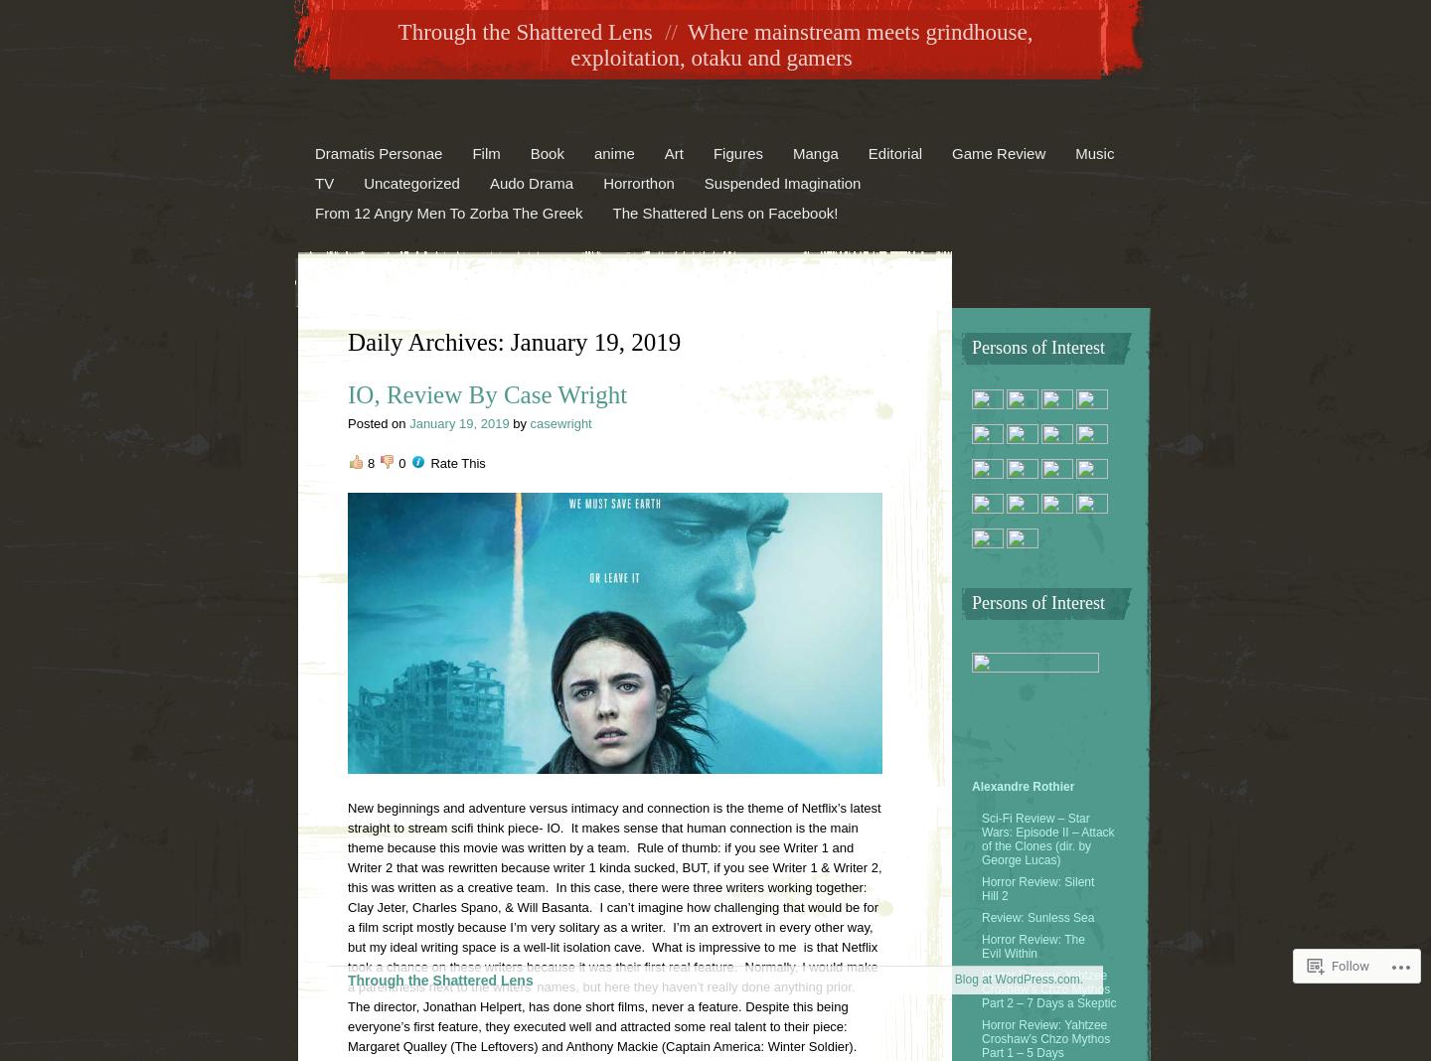  I want to click on 'Where mainstream meets grindhouse, exploitation, otaku and gamers', so click(801, 44).